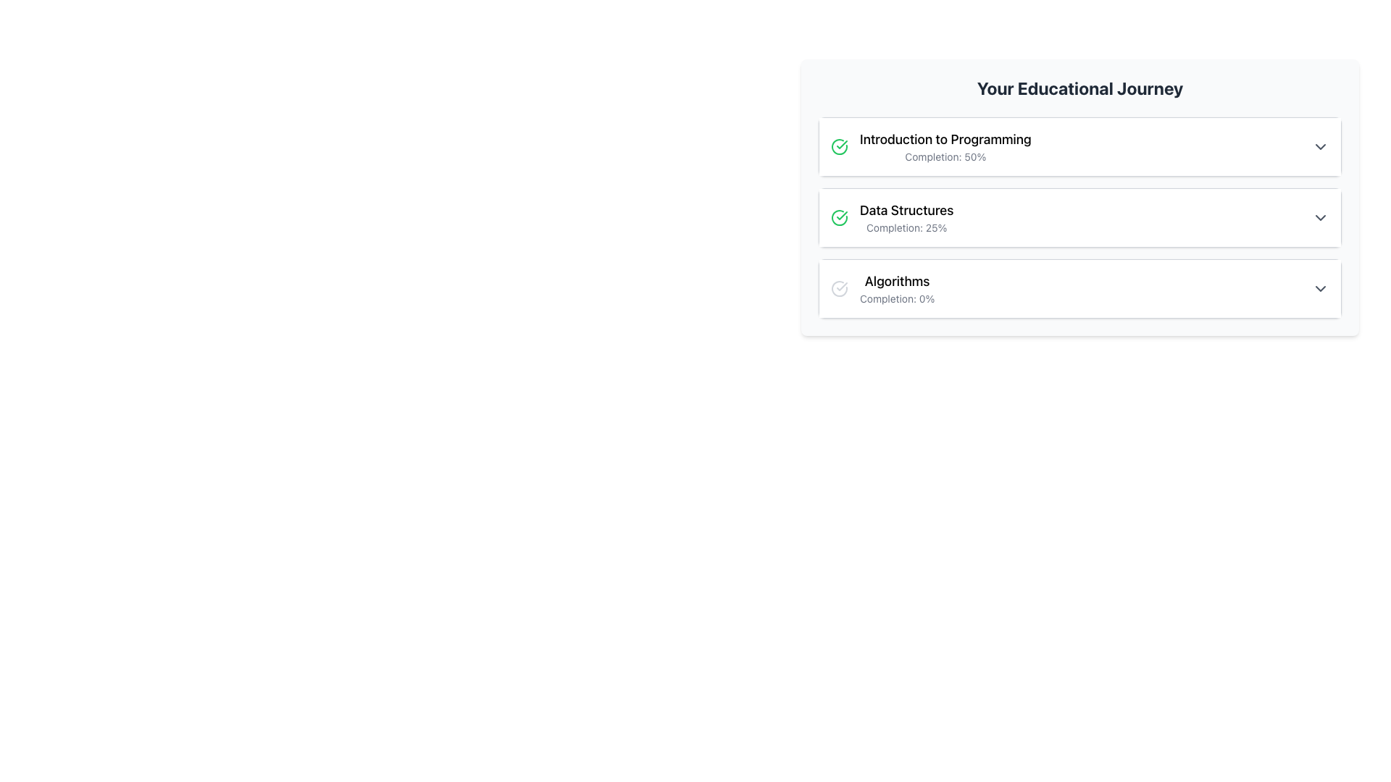 The height and width of the screenshot is (782, 1391). Describe the element at coordinates (931, 147) in the screenshot. I see `the first list entry in the 'Your Educational Journey' section, which displays the course title and completion status` at that location.